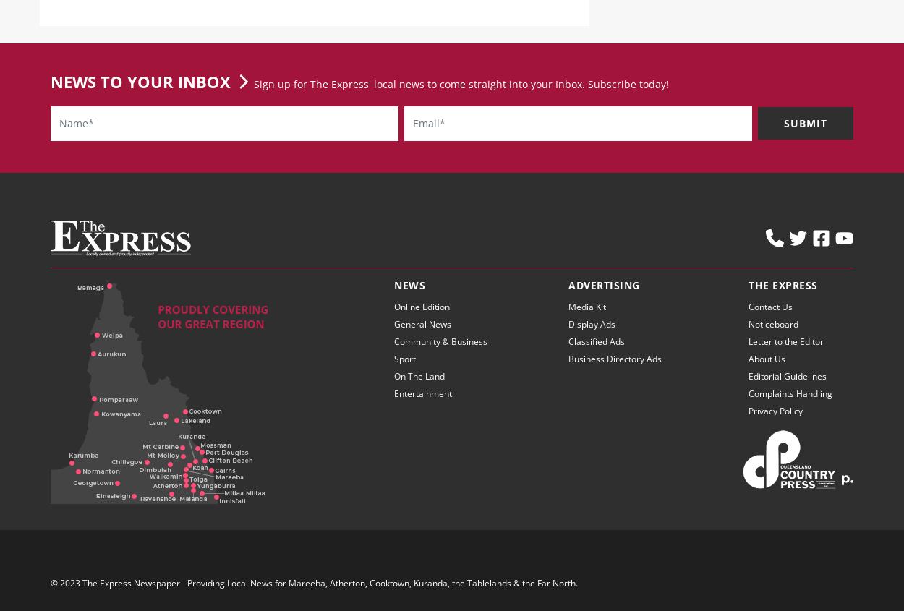 This screenshot has height=611, width=904. Describe the element at coordinates (749, 369) in the screenshot. I see `'About Us'` at that location.